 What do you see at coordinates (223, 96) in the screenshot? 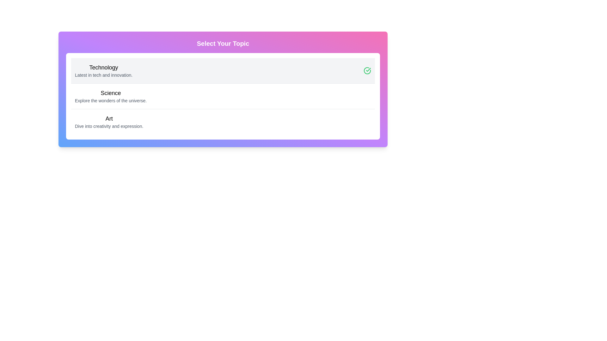
I see `the second selectable option in the list, which represents the 'Science' topic with the description 'Explore the wonders of the universe.'` at bounding box center [223, 96].